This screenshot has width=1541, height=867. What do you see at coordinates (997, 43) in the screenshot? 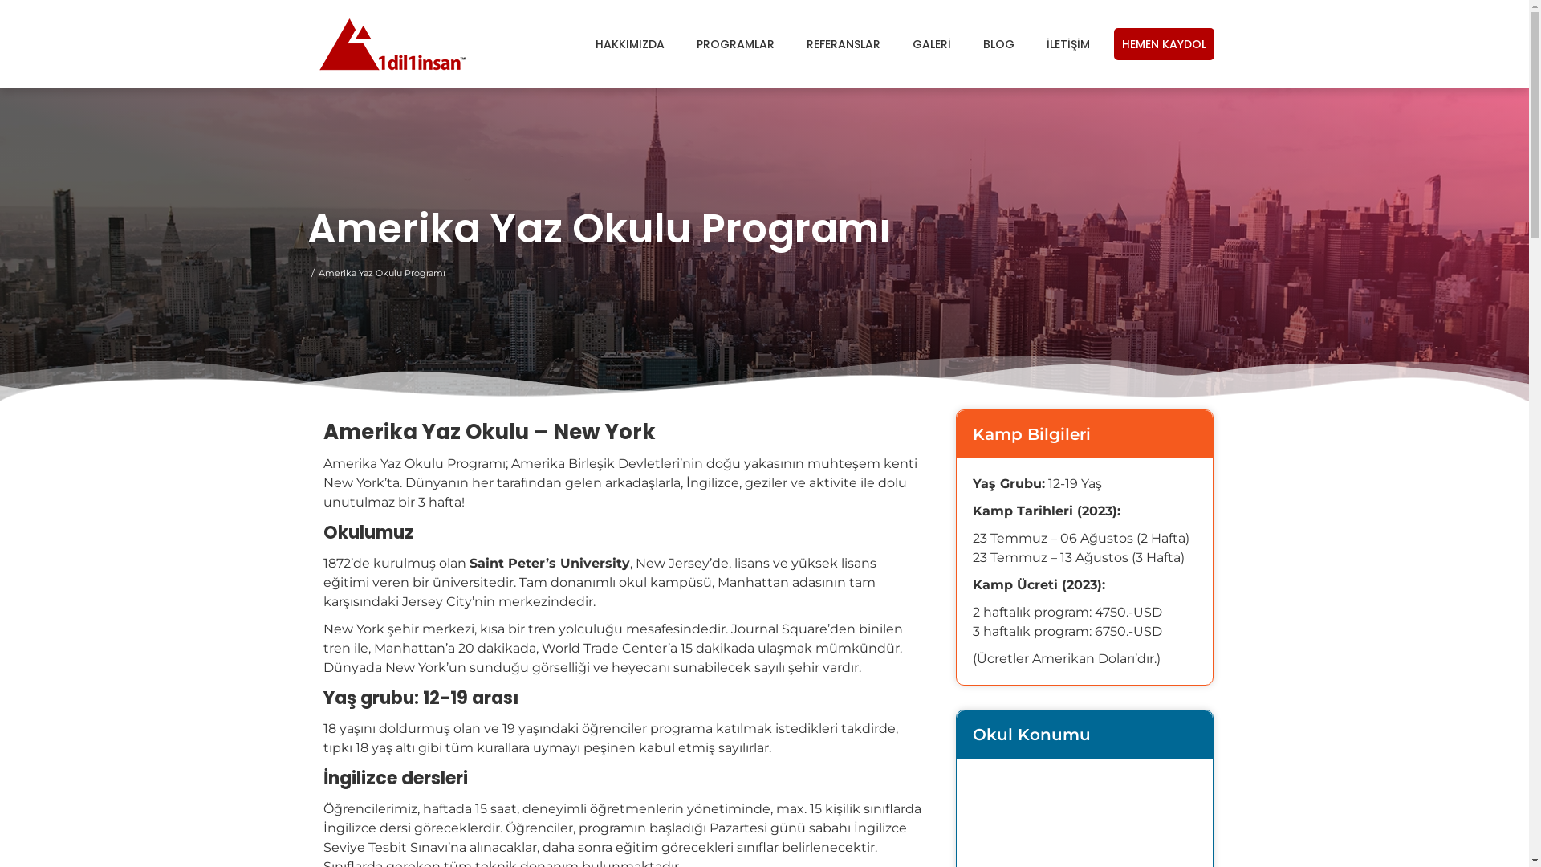
I see `'BLOG'` at bounding box center [997, 43].